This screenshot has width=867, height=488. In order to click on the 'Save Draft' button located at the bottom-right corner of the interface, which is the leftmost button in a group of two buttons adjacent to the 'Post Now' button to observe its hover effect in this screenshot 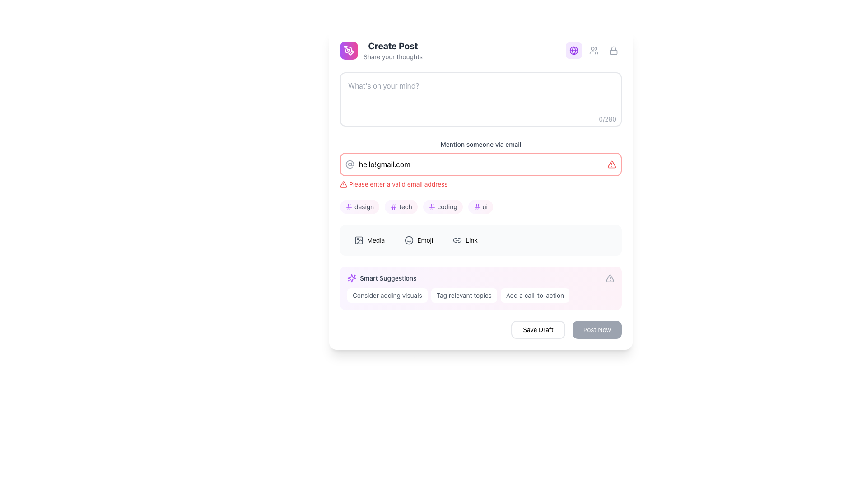, I will do `click(538, 329)`.